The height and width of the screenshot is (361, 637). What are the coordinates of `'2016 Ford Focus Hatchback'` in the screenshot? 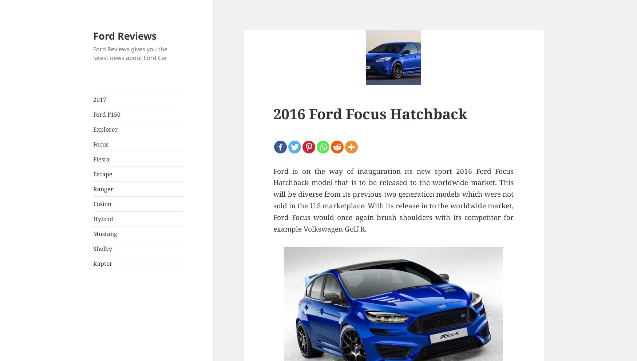 It's located at (370, 113).